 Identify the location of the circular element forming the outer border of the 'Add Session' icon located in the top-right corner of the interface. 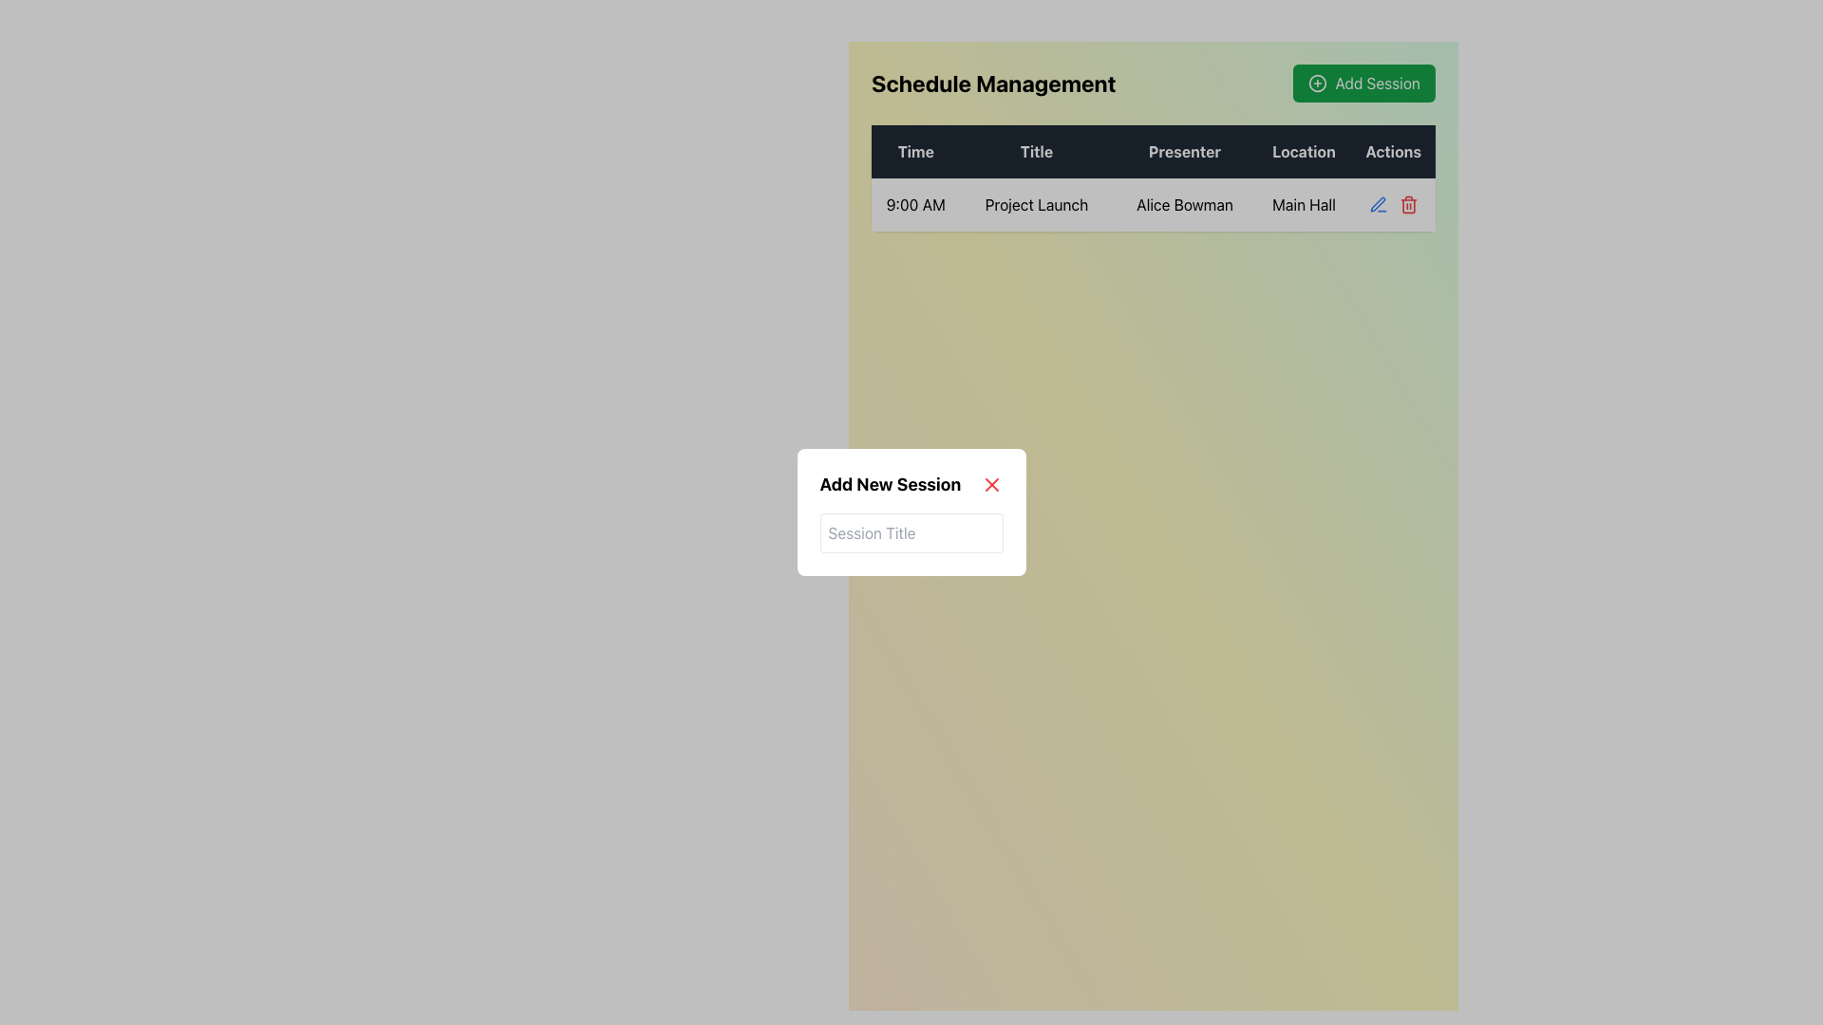
(1317, 83).